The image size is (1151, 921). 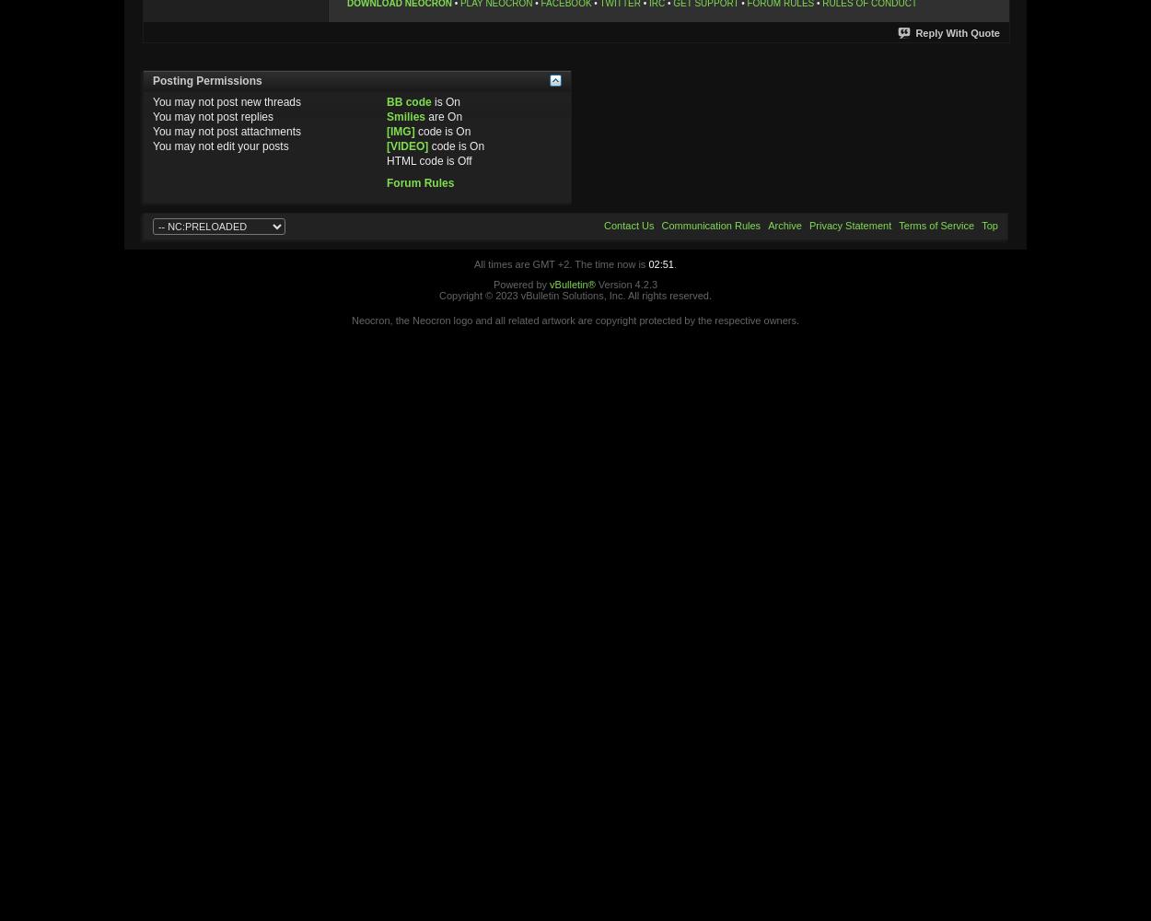 I want to click on 'Neocron, the Neocron logo and all related artwork are copyright protected by the respective owners.', so click(x=574, y=319).